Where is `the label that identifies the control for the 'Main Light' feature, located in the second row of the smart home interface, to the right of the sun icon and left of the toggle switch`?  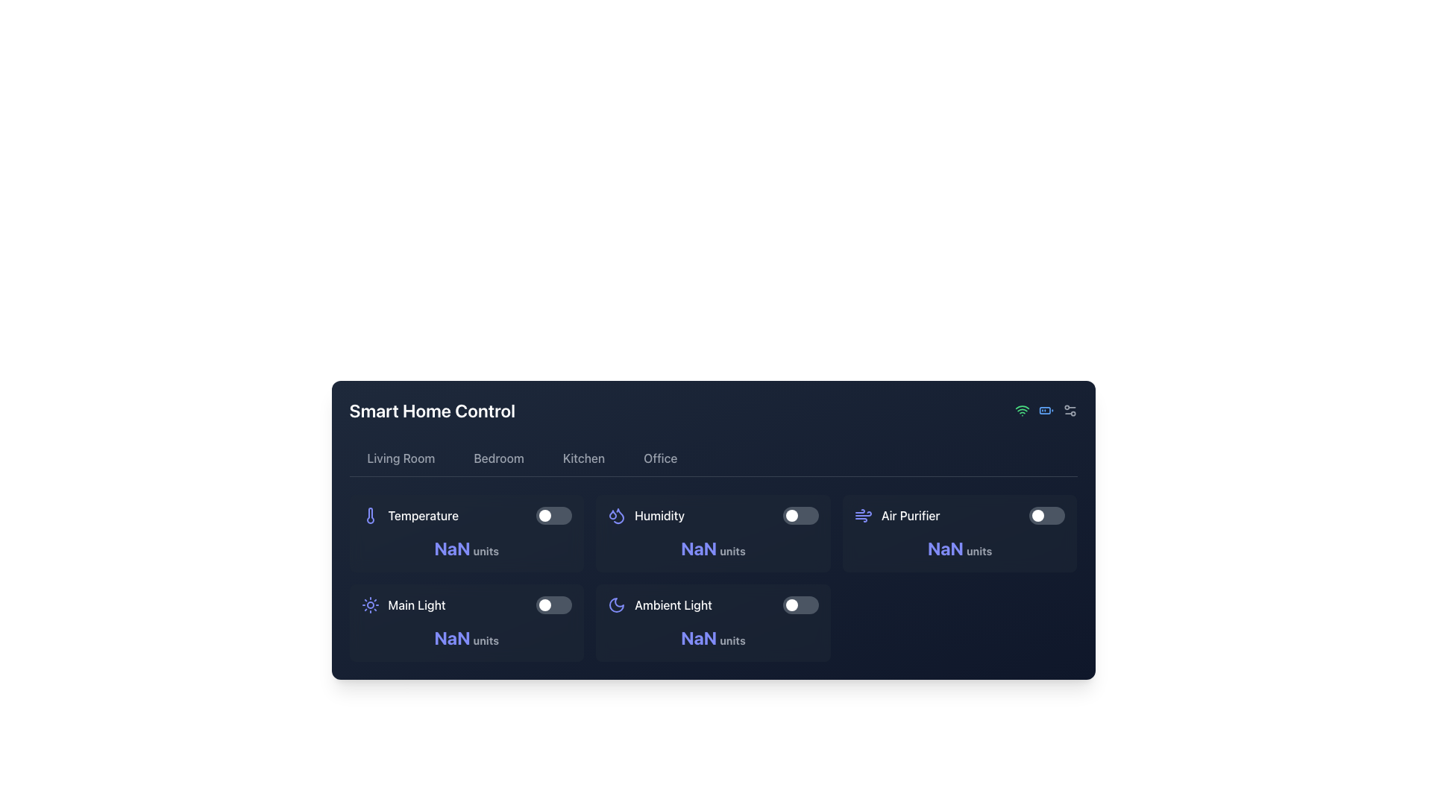
the label that identifies the control for the 'Main Light' feature, located in the second row of the smart home interface, to the right of the sun icon and left of the toggle switch is located at coordinates (417, 605).